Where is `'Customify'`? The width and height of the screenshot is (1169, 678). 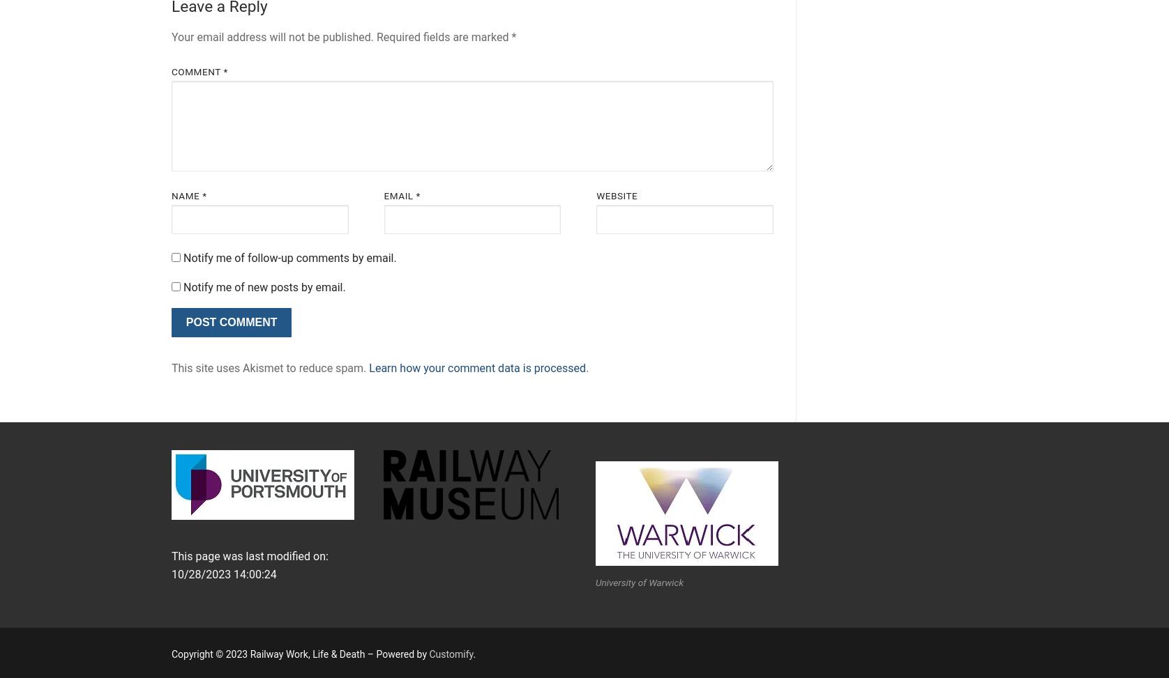
'Customify' is located at coordinates (450, 652).